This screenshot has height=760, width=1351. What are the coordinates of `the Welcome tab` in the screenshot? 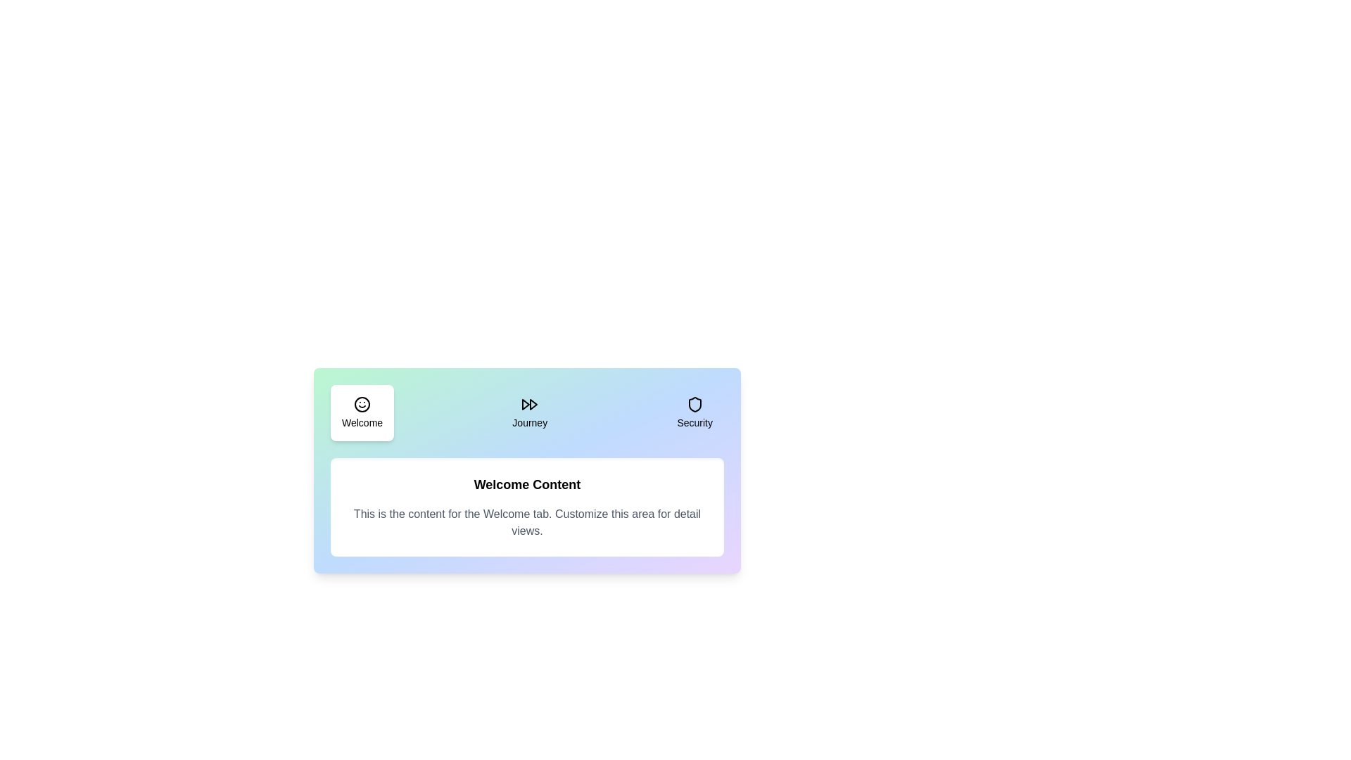 It's located at (362, 412).